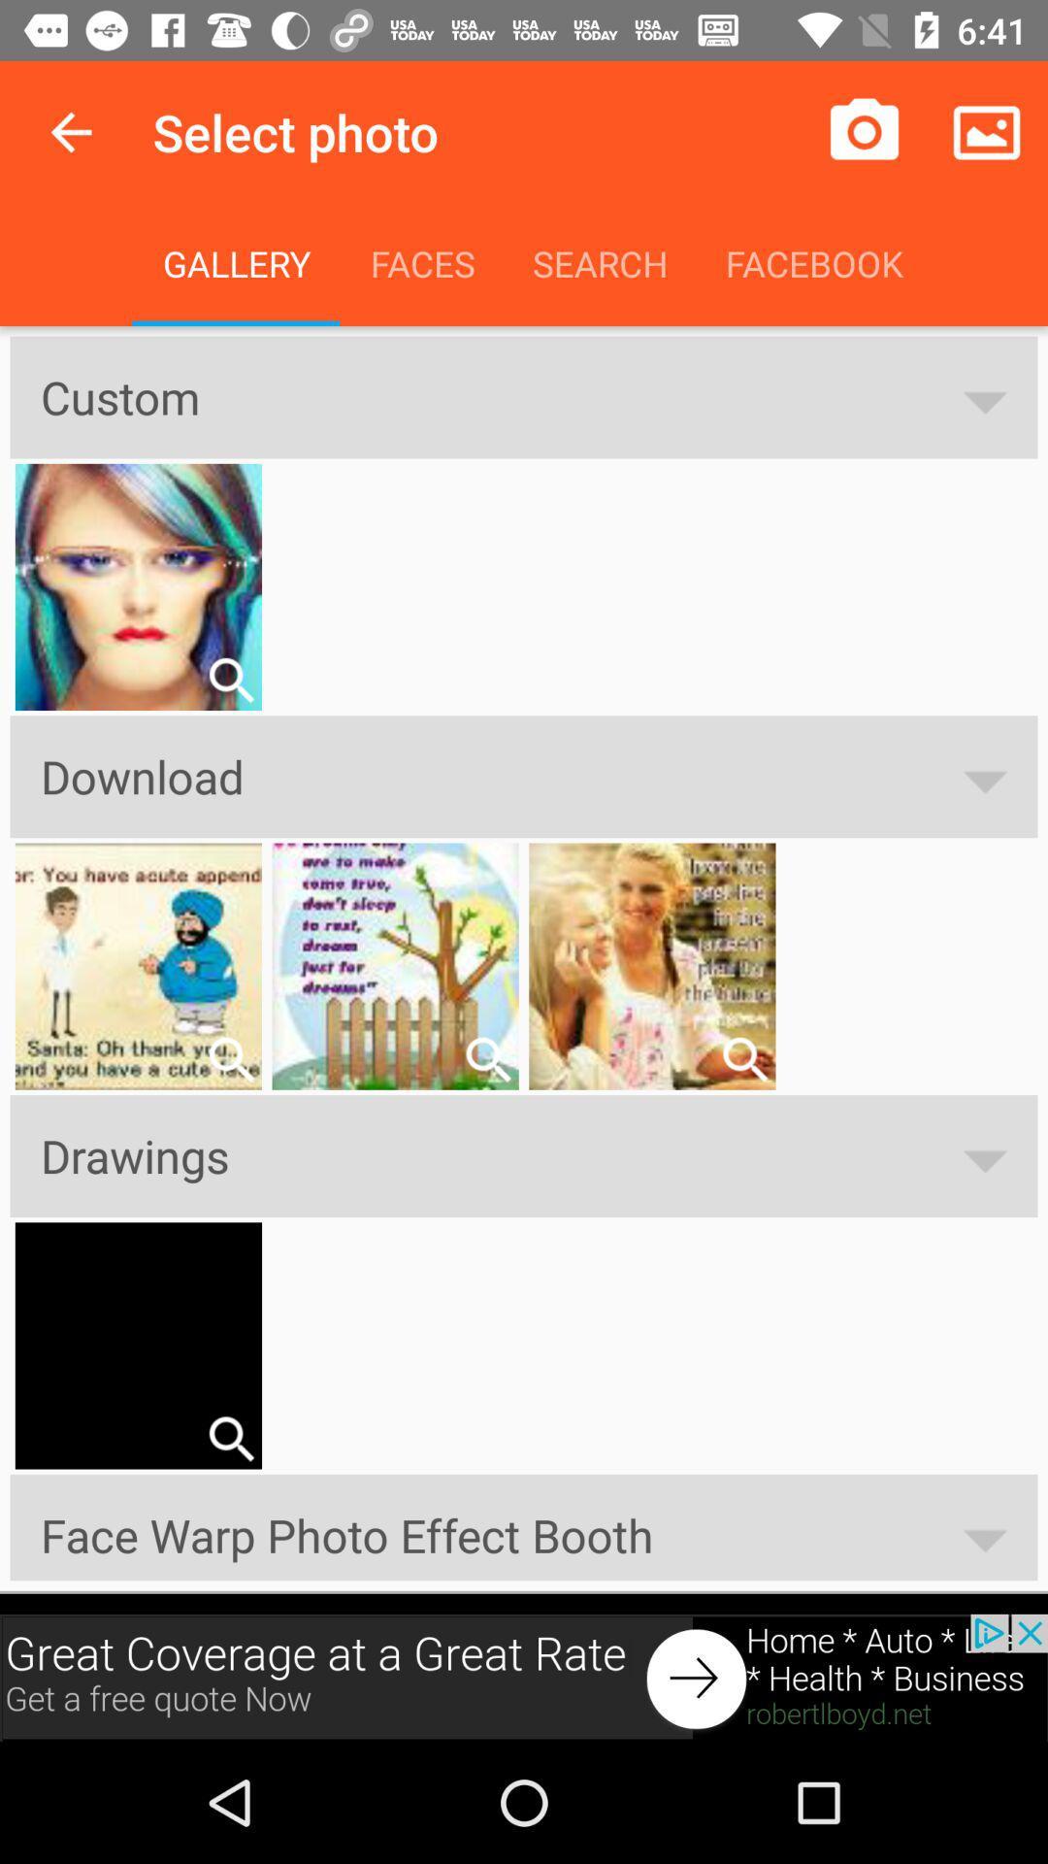 The width and height of the screenshot is (1048, 1864). I want to click on search in the option, so click(487, 1058).